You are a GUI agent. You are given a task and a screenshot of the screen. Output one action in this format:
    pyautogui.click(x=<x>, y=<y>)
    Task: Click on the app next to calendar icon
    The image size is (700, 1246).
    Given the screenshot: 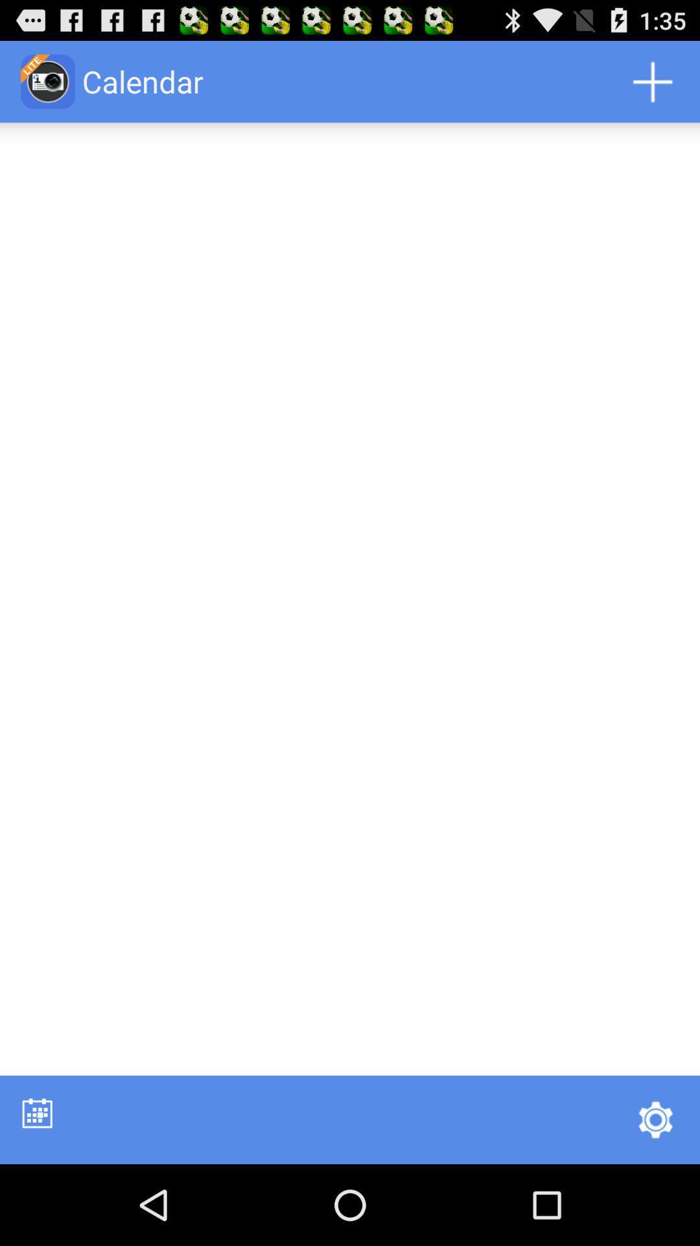 What is the action you would take?
    pyautogui.click(x=652, y=80)
    